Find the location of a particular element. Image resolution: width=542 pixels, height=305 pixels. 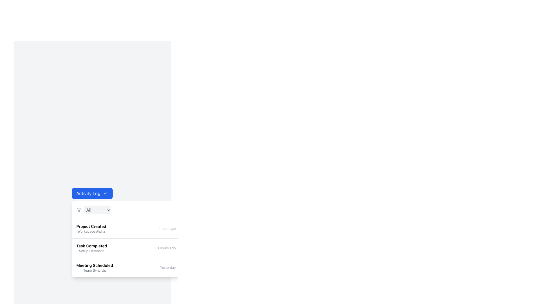

the 'Activity Log' label, which is positioned in the lower central area of the interface, next to a chevron-down icon is located at coordinates (88, 193).